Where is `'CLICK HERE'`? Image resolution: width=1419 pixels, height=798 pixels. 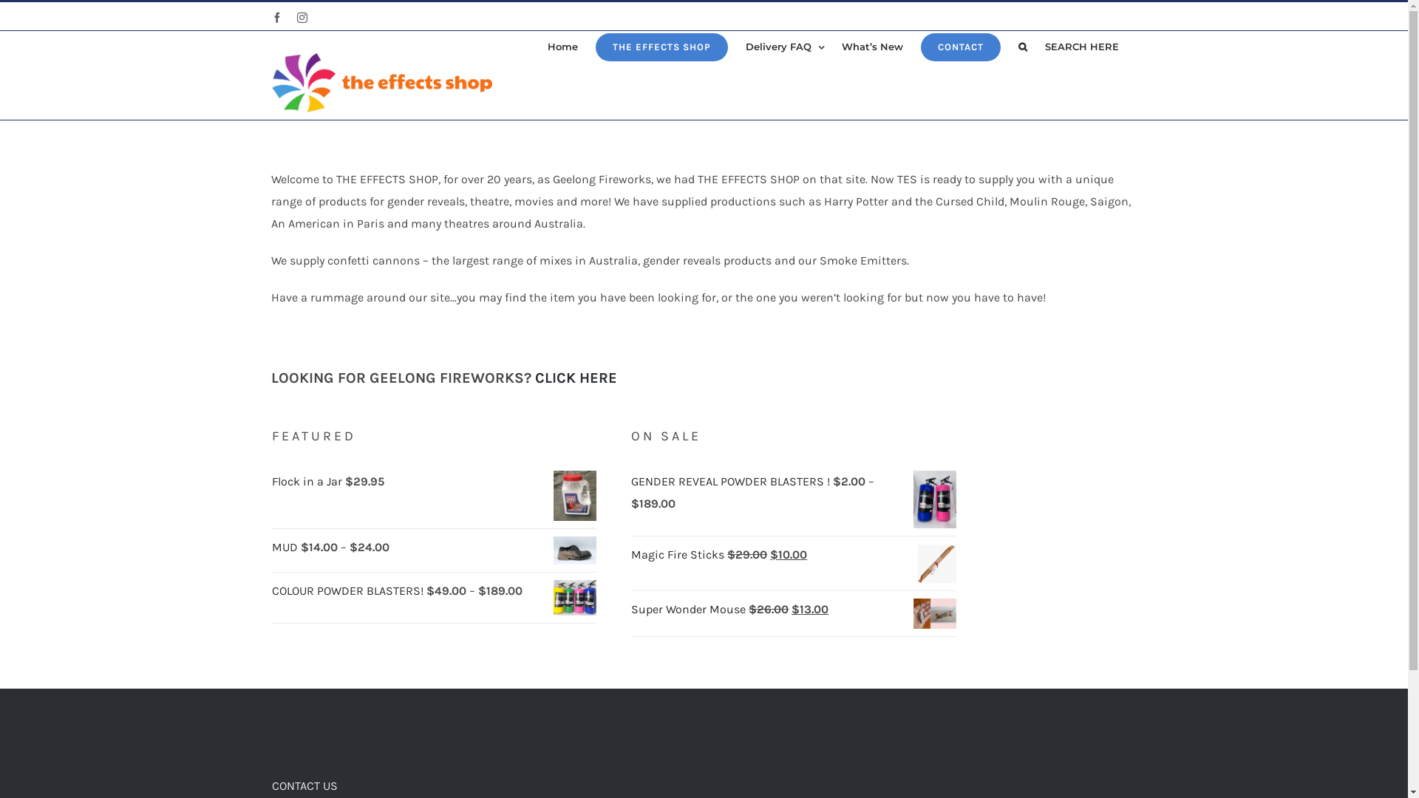
'CLICK HERE' is located at coordinates (575, 377).